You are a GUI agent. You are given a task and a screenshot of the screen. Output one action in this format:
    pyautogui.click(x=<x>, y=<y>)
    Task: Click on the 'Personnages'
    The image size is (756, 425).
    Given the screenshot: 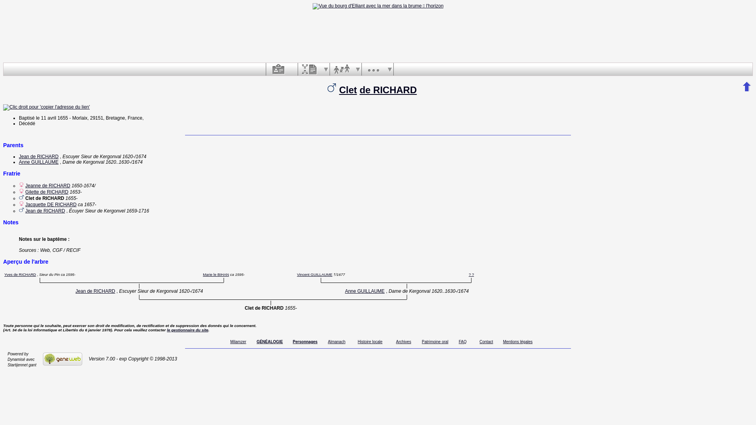 What is the action you would take?
    pyautogui.click(x=293, y=341)
    